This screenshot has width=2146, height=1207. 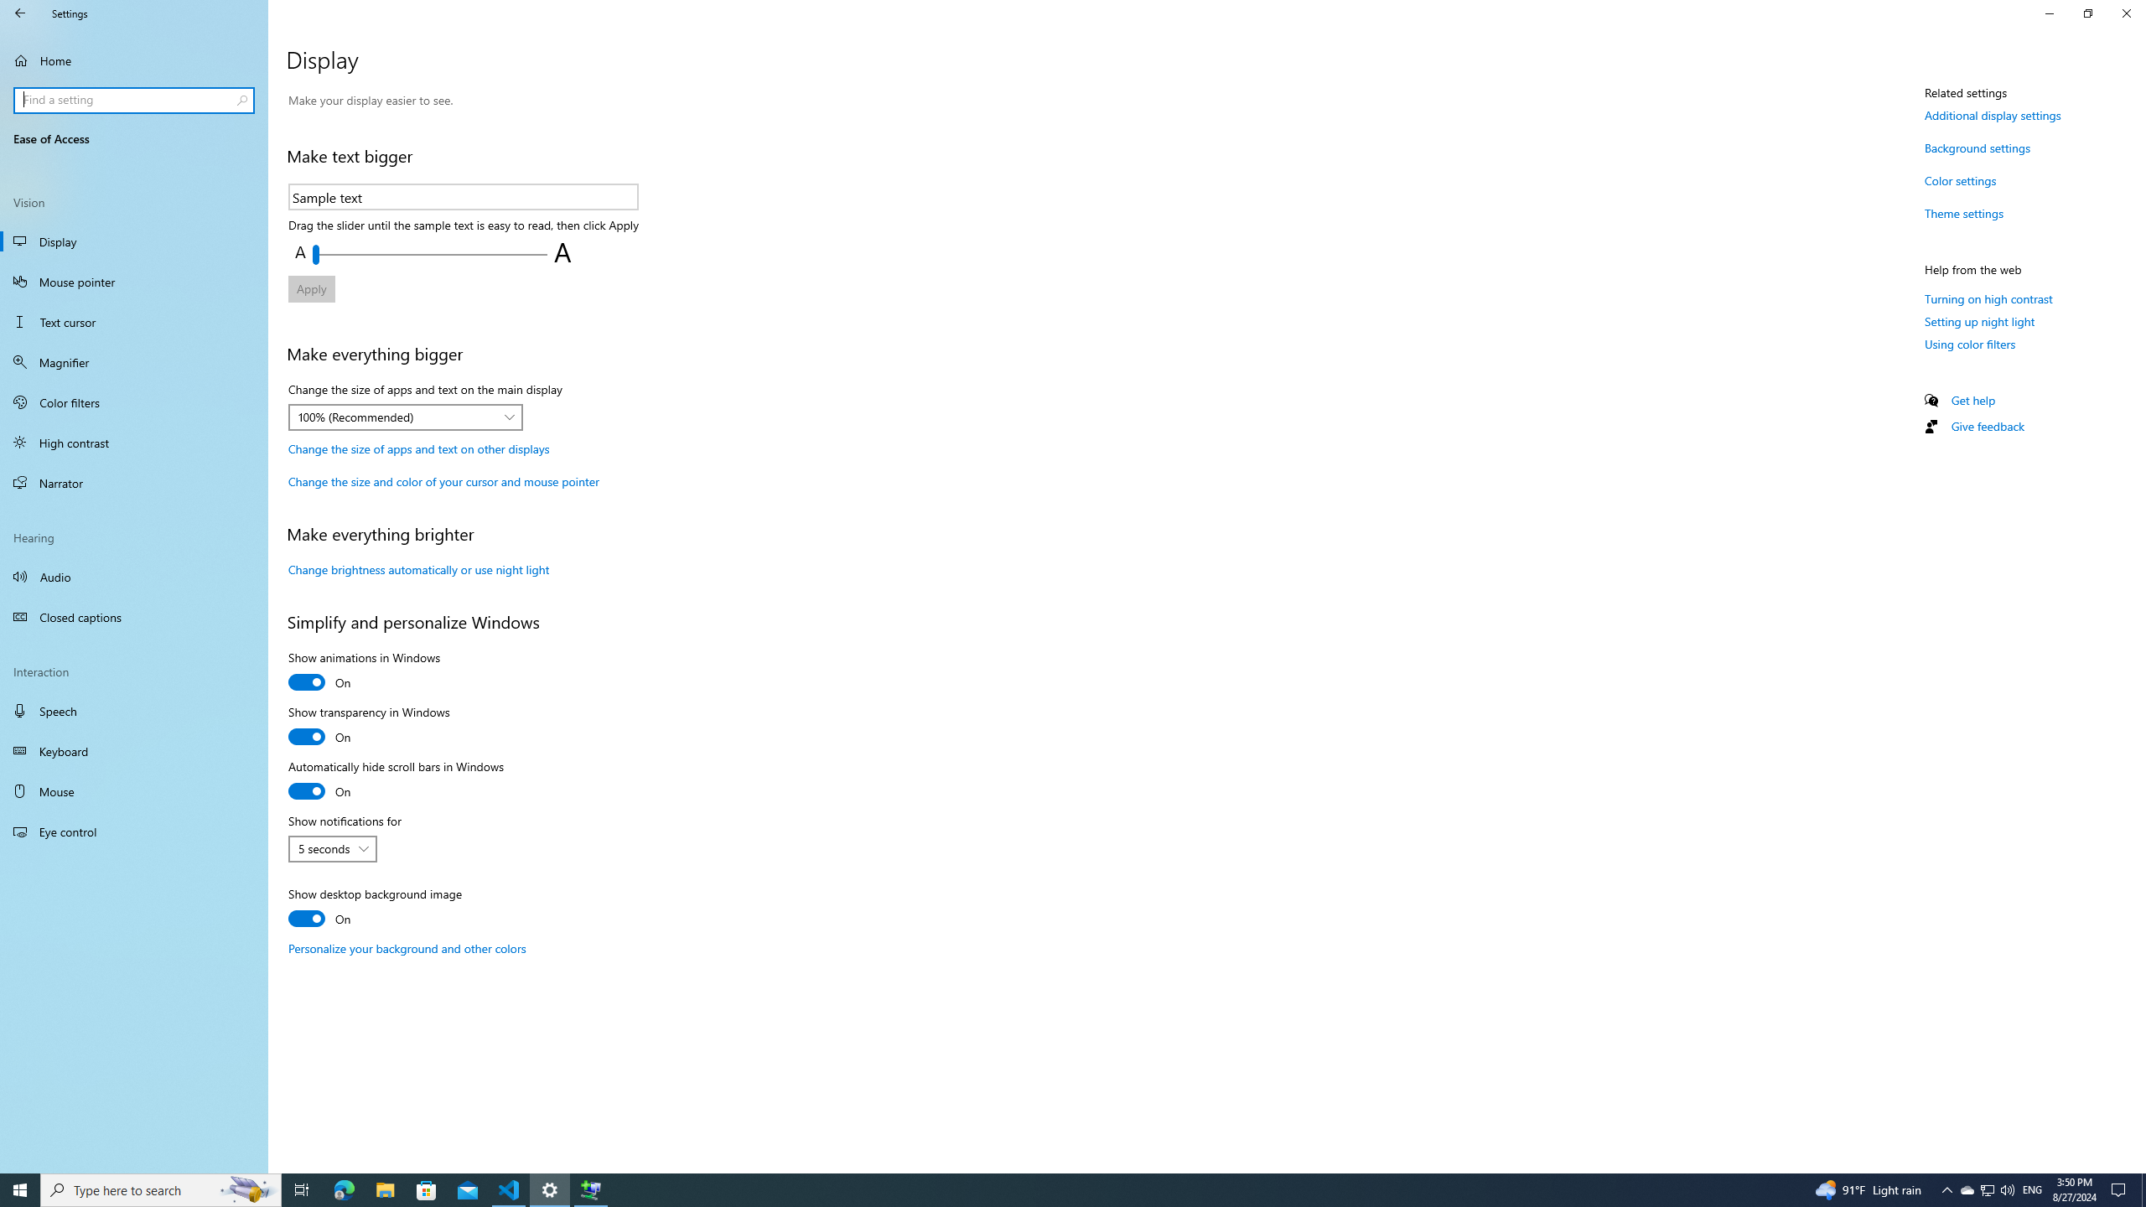 What do you see at coordinates (407, 947) in the screenshot?
I see `'Personalize your background and other colors'` at bounding box center [407, 947].